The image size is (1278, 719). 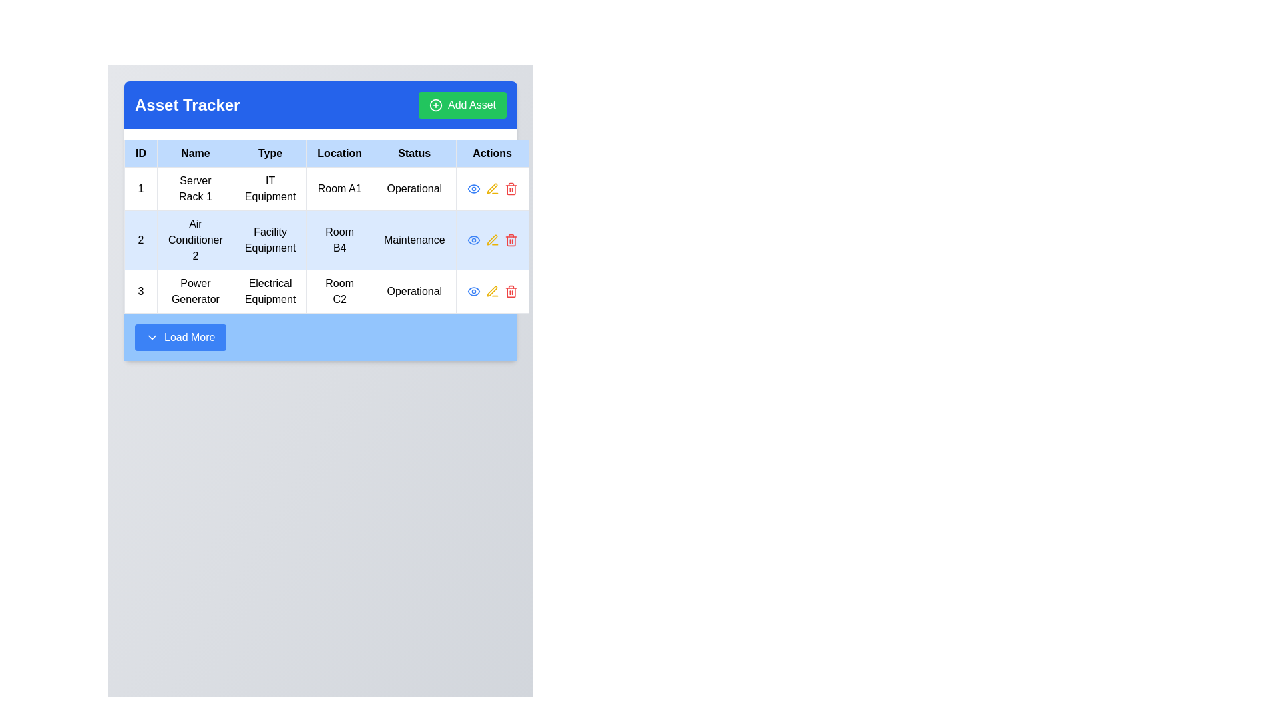 I want to click on the Table Header Cell that contains the word 'Name' in bold black text, located in the second position of the header row of a table, so click(x=194, y=153).